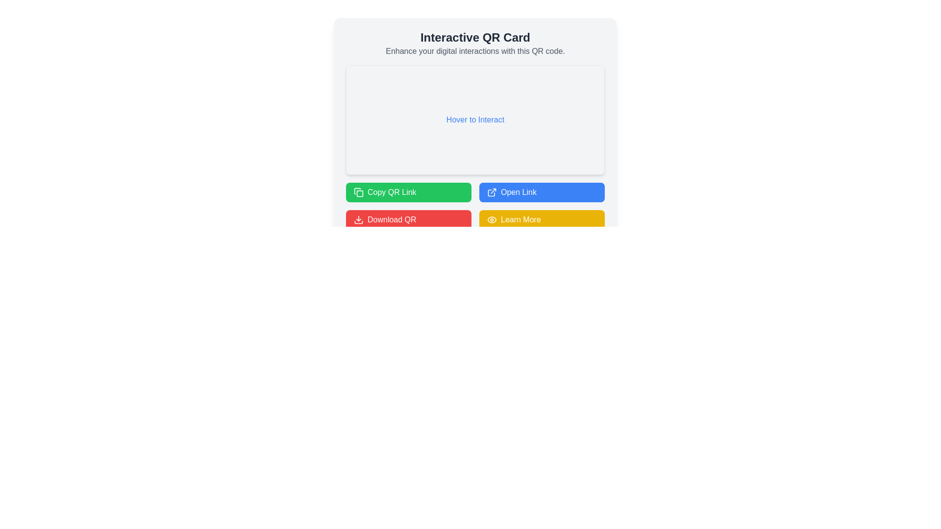  What do you see at coordinates (492, 192) in the screenshot?
I see `the icon located on the left-hand side of the 'Open Link' button as a visual cue` at bounding box center [492, 192].